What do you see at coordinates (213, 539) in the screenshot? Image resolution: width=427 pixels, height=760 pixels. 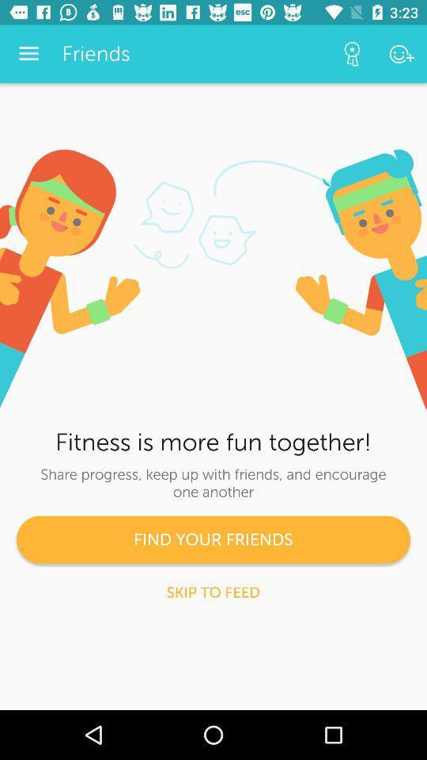 I see `find your friends` at bounding box center [213, 539].